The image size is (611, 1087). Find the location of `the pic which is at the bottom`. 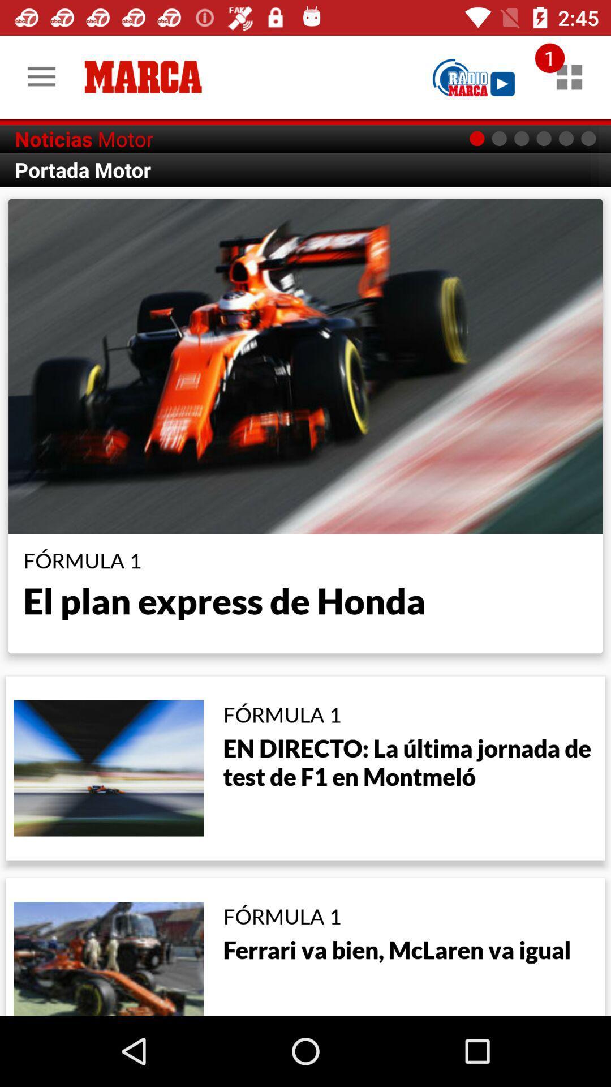

the pic which is at the bottom is located at coordinates (109, 957).